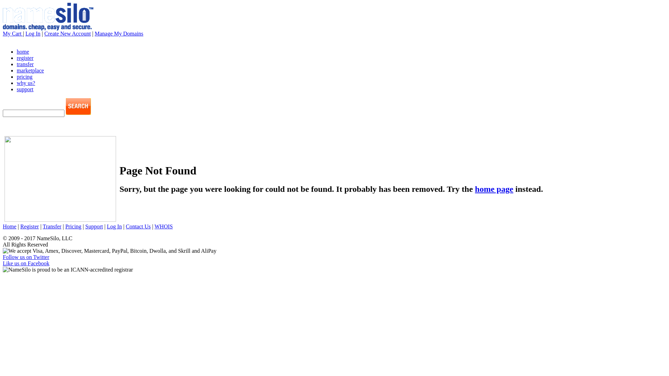  I want to click on 'NameSilo is proud to be an ICANN-accredited registrar', so click(3, 269).